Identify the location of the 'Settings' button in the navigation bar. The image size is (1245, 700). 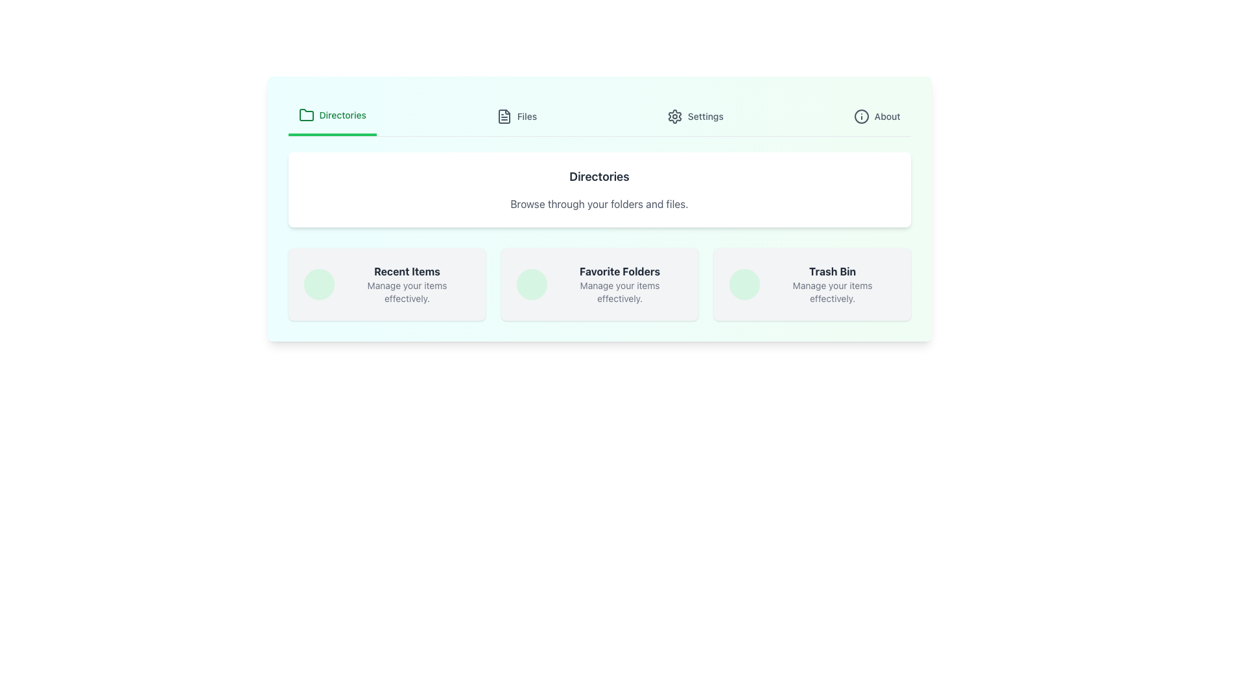
(694, 117).